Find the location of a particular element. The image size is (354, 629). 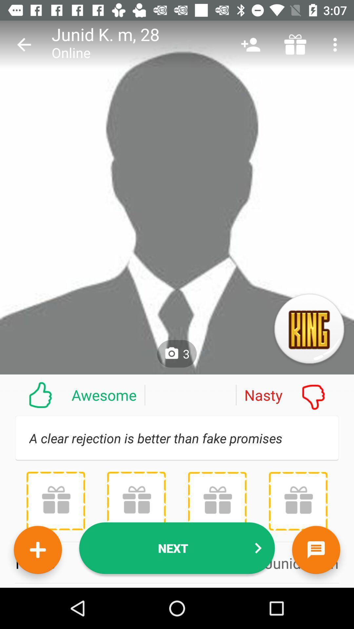

icon to the left of the junid k. icon is located at coordinates (24, 44).